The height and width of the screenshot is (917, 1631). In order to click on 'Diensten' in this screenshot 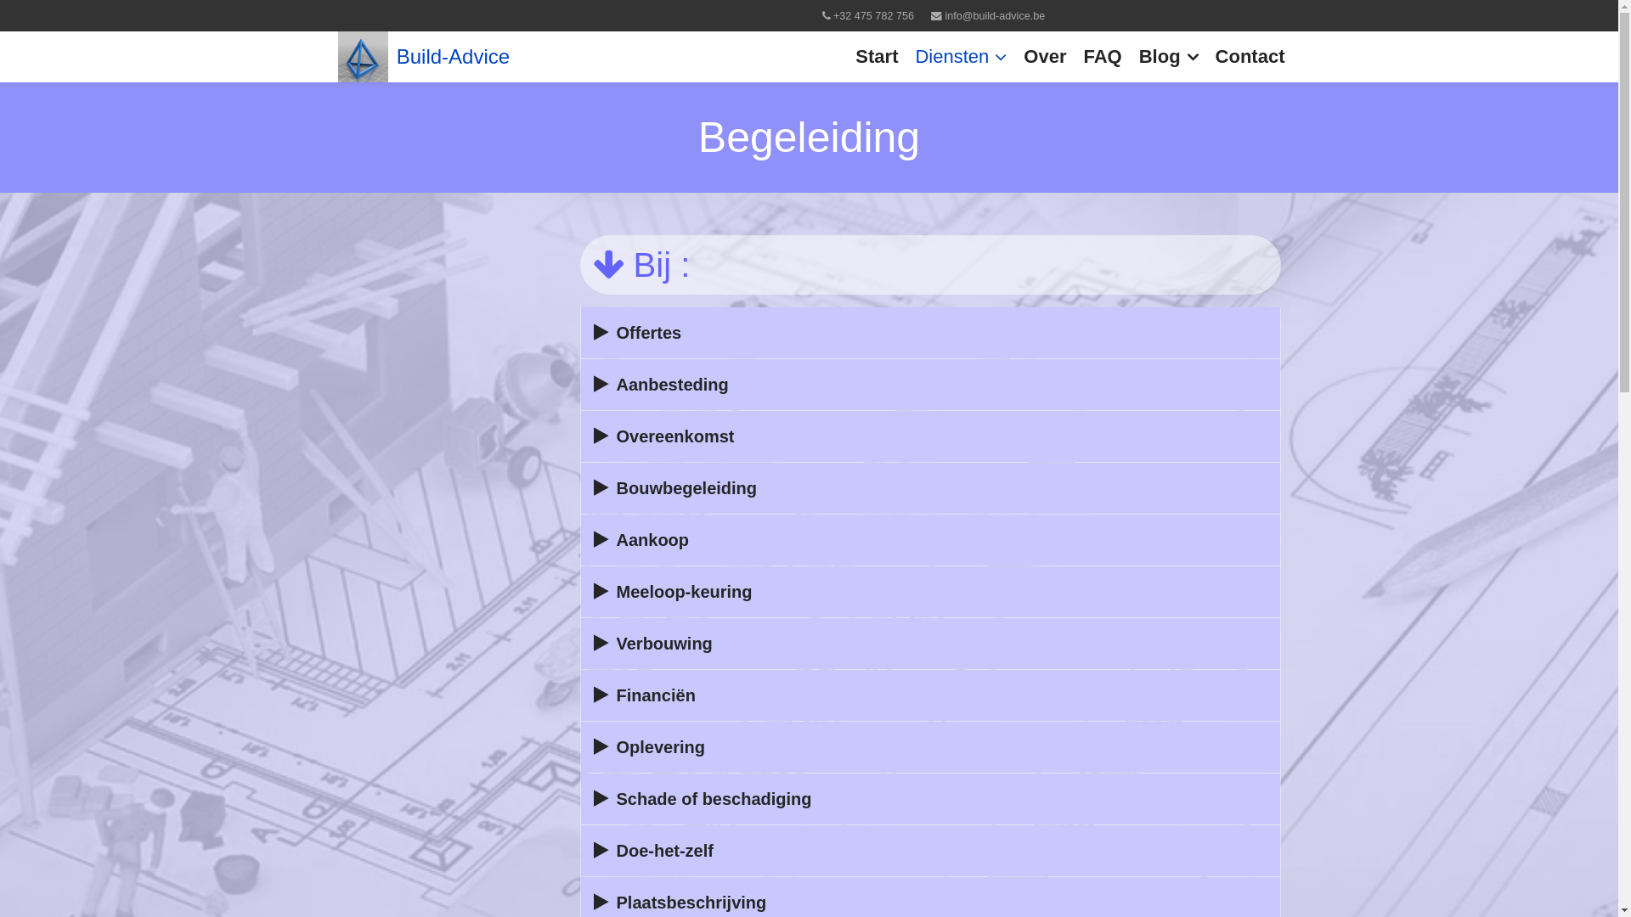, I will do `click(961, 55)`.